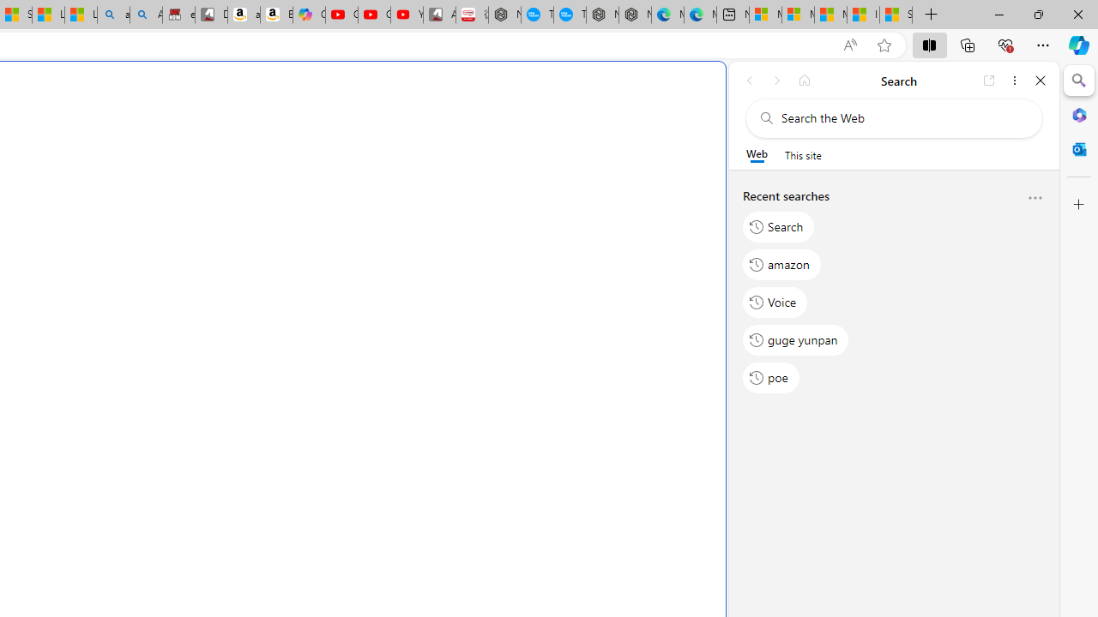 The width and height of the screenshot is (1098, 617). What do you see at coordinates (781, 264) in the screenshot?
I see `'amazon'` at bounding box center [781, 264].